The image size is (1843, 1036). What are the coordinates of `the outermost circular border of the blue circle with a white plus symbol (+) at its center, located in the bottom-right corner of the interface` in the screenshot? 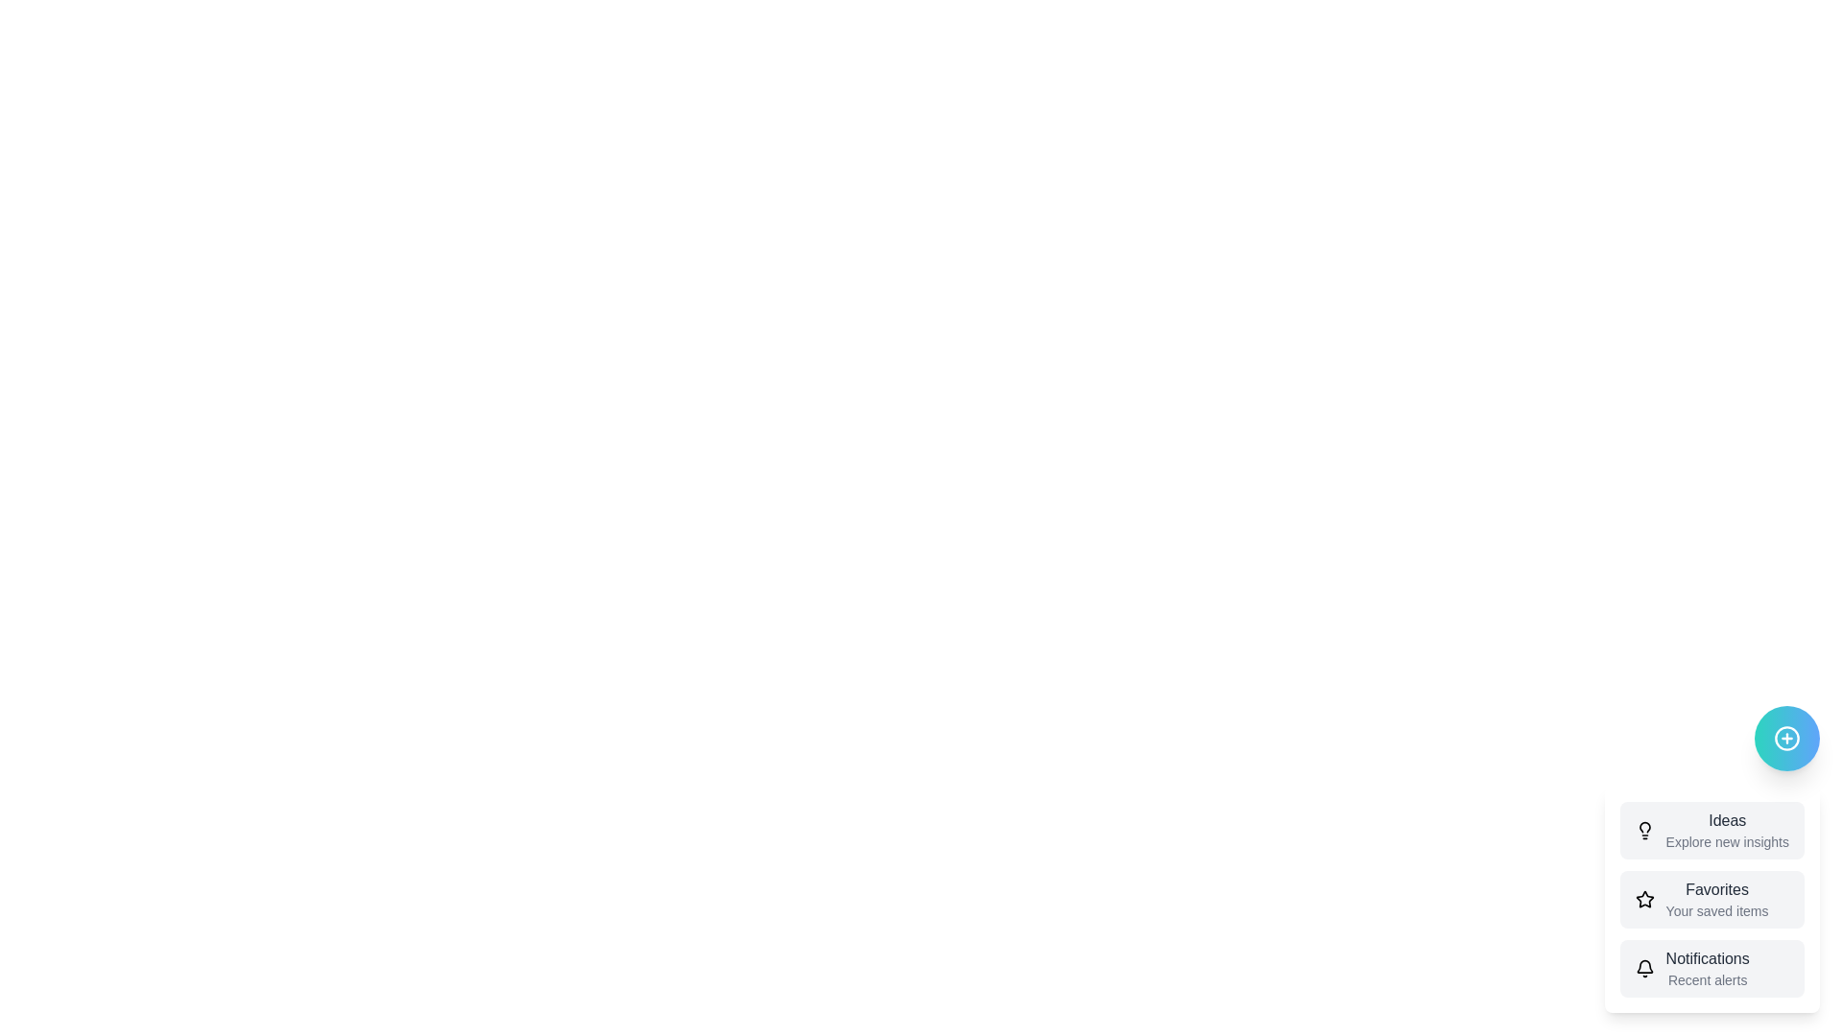 It's located at (1786, 738).